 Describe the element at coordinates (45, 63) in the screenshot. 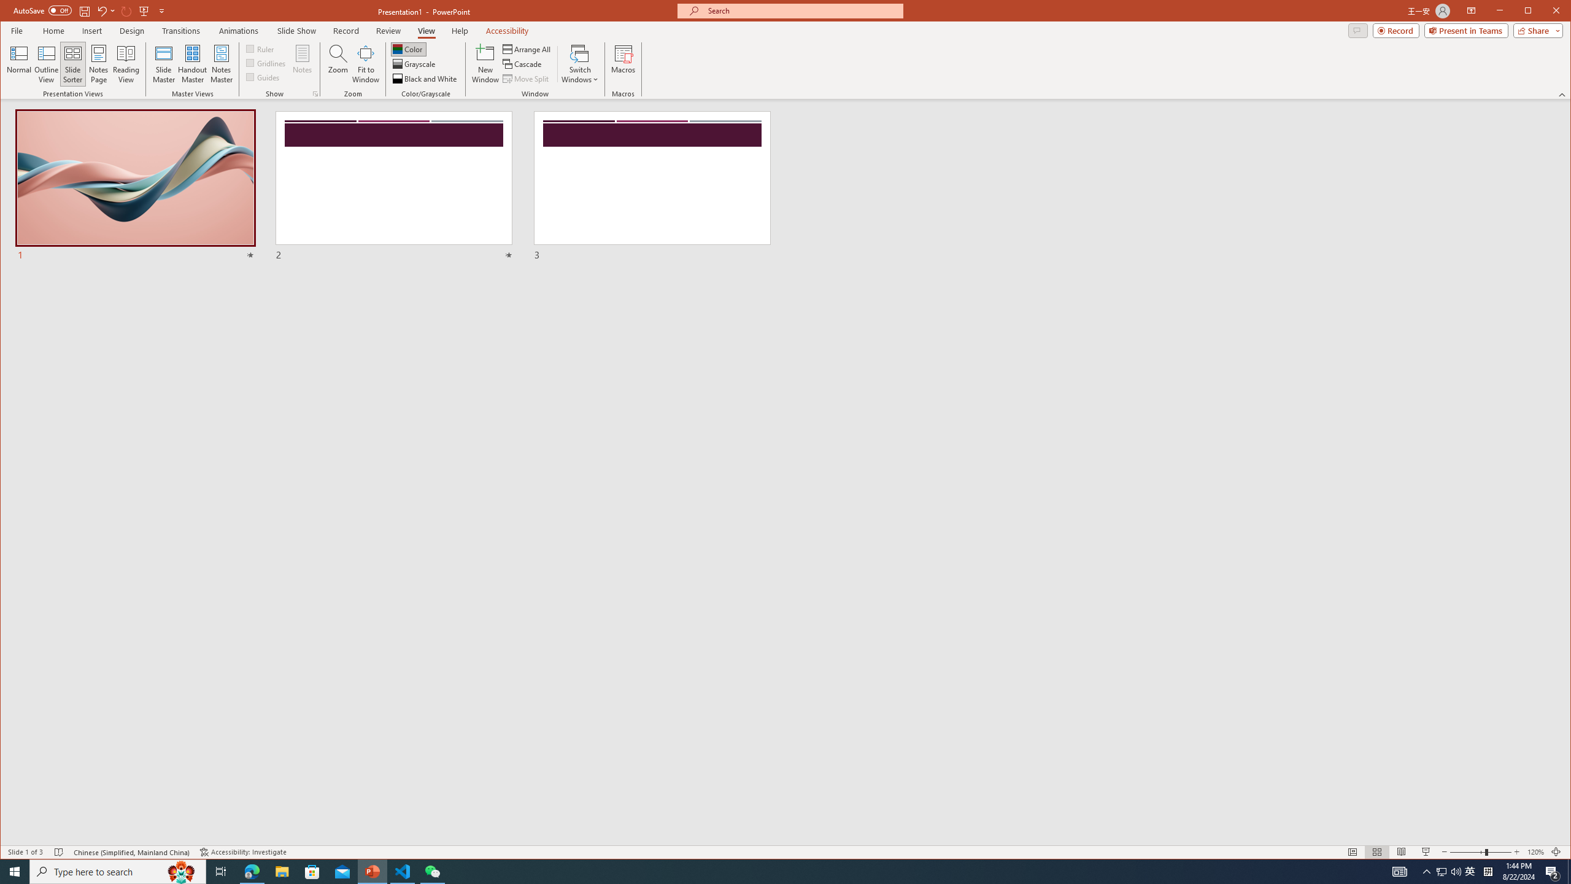

I see `'Outline View'` at that location.